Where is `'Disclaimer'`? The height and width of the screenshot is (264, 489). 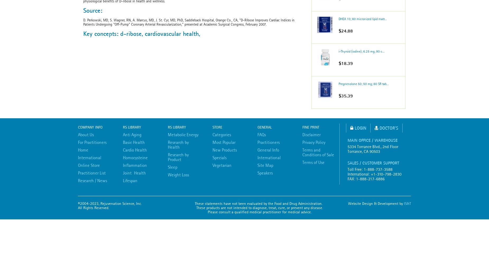 'Disclaimer' is located at coordinates (311, 135).